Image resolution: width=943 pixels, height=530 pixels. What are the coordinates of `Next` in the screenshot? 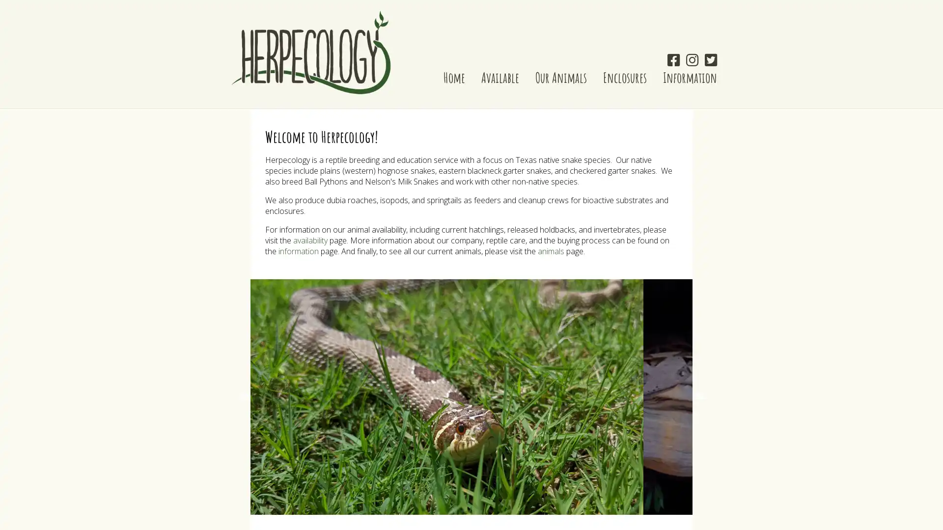 It's located at (699, 412).